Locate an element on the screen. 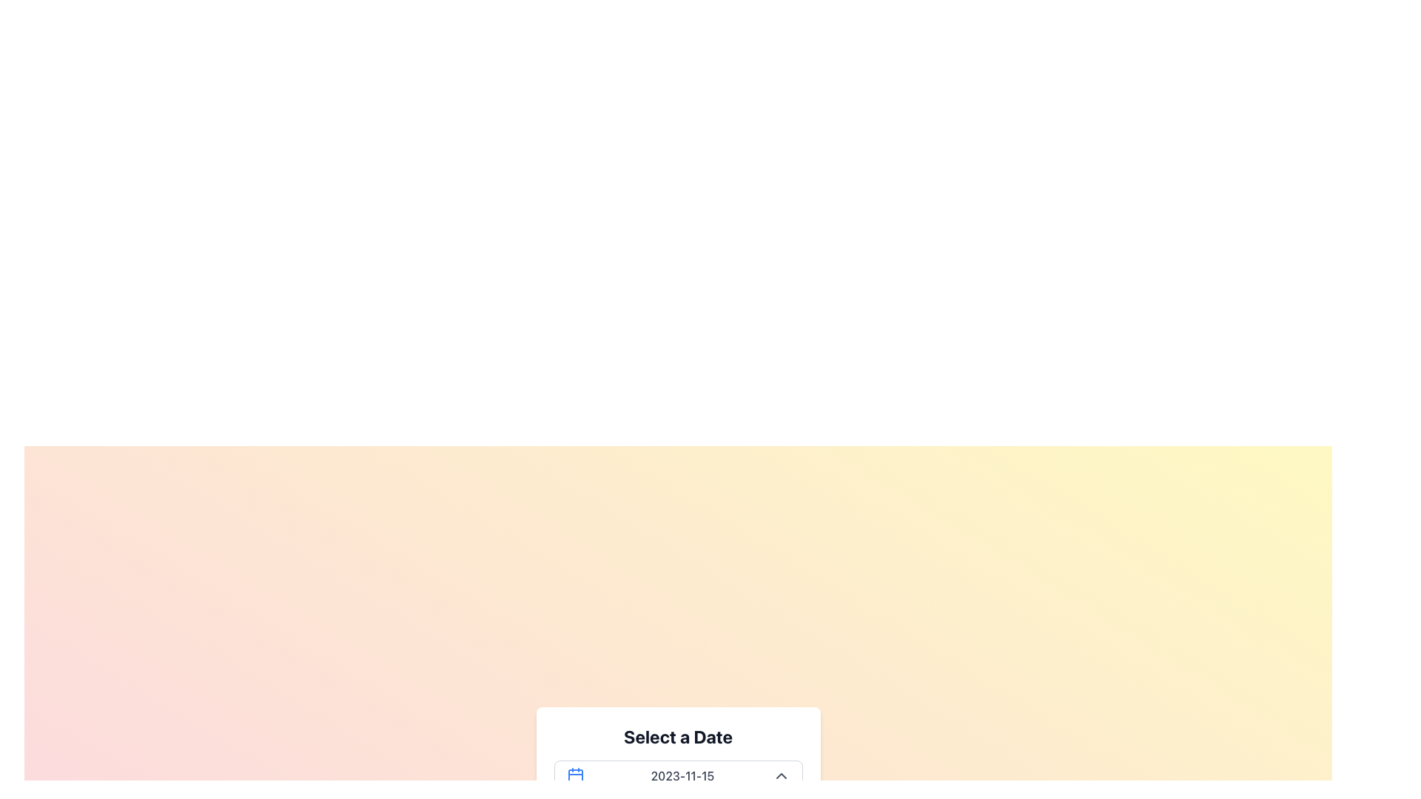 Image resolution: width=1421 pixels, height=799 pixels. the calendar icon located to the left of the date text '2023-11-15' is located at coordinates (574, 775).